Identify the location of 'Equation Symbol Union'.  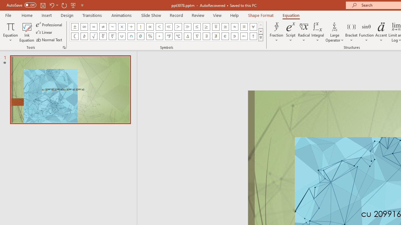
(122, 36).